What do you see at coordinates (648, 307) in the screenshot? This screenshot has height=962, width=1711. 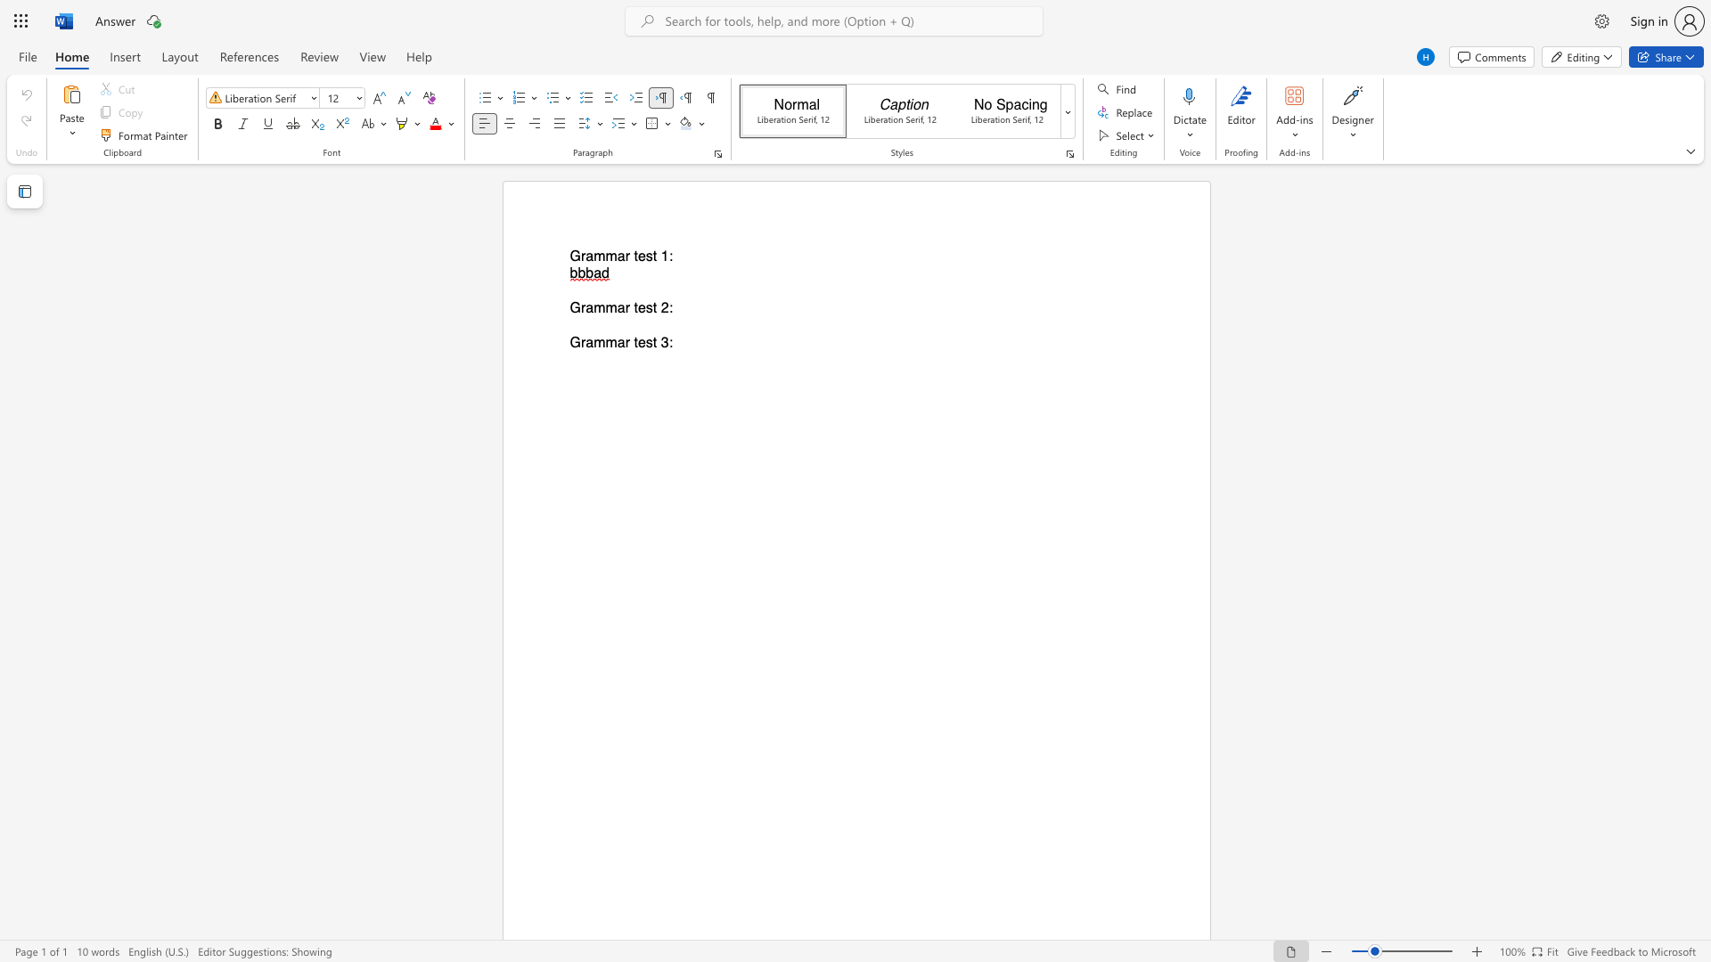 I see `the 1th character "s" in the text` at bounding box center [648, 307].